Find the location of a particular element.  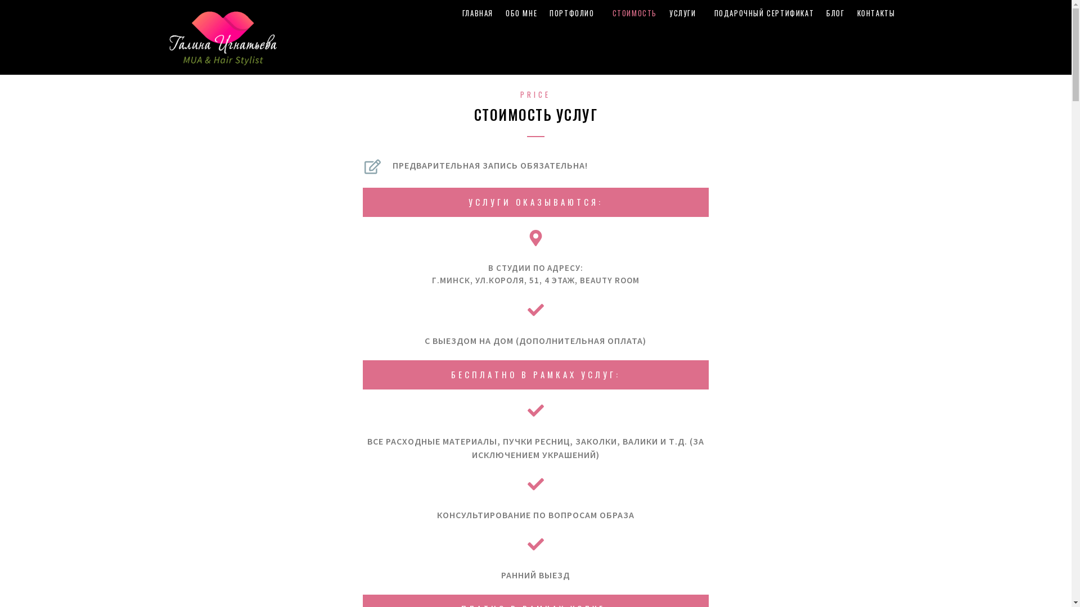

'PRICE' is located at coordinates (534, 94).